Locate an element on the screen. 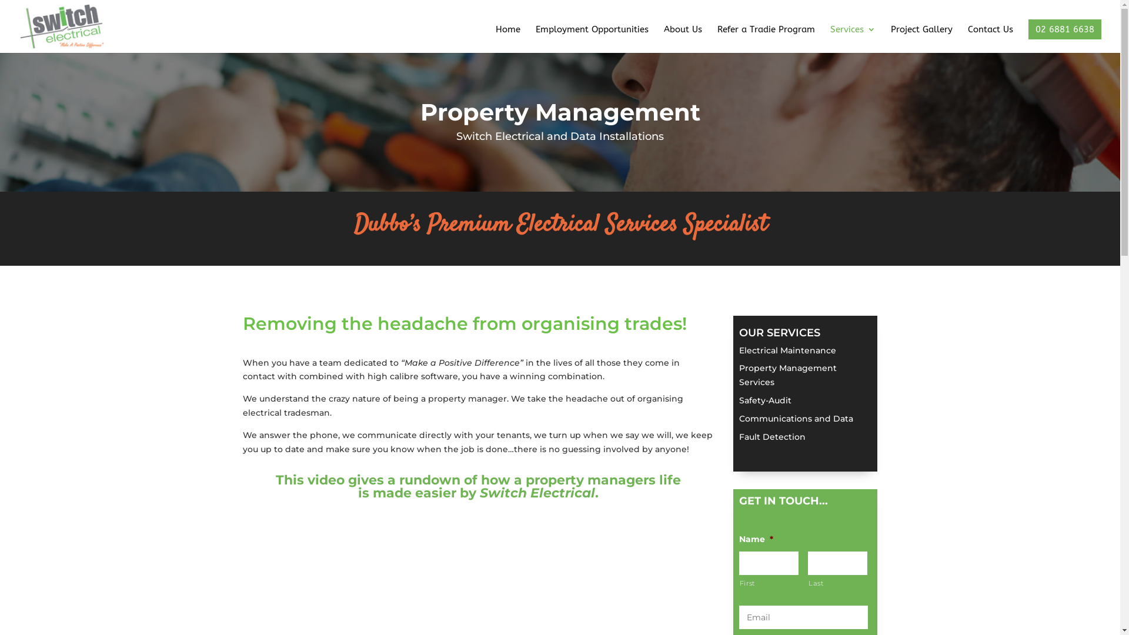 The height and width of the screenshot is (635, 1129). 'Property Management Services' is located at coordinates (787, 375).